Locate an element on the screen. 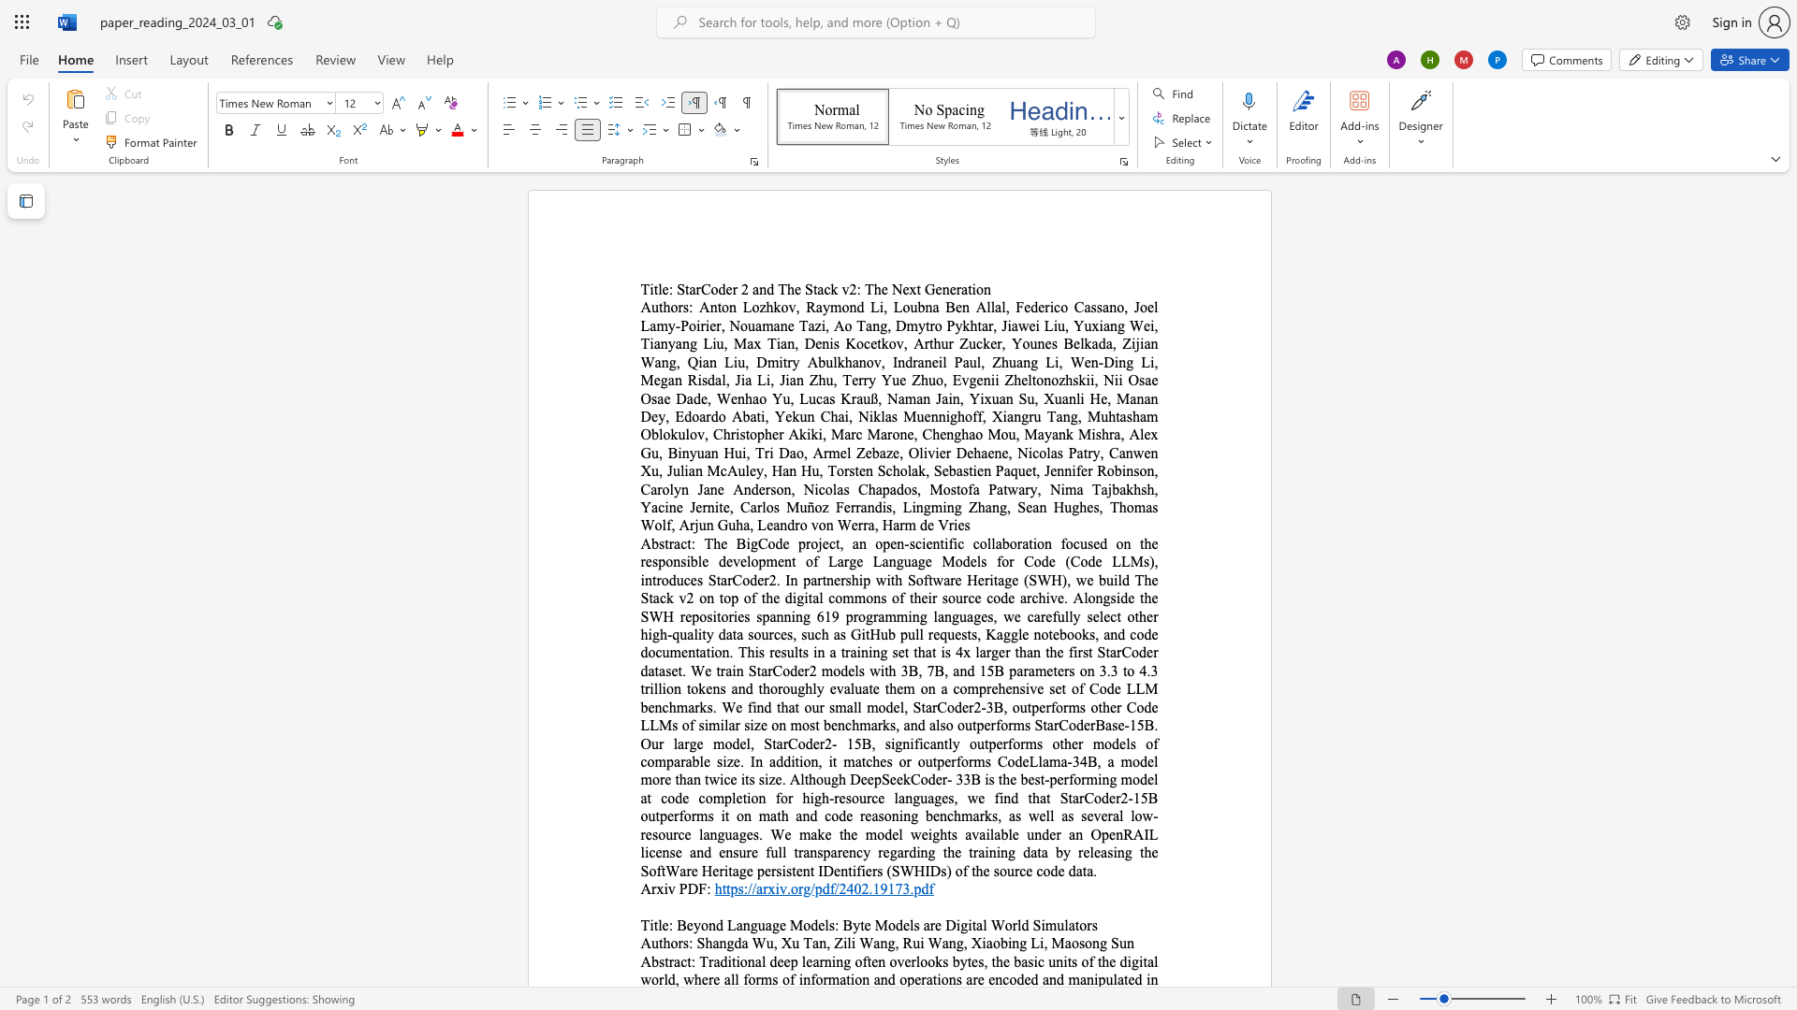 This screenshot has height=1010, width=1797. the 4th character "a" in the text is located at coordinates (964, 289).